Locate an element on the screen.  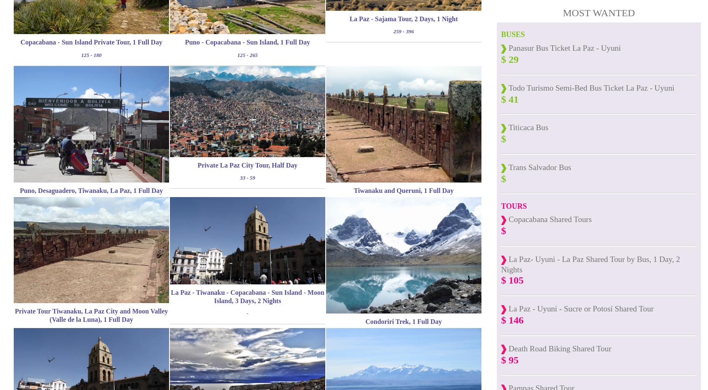
'La Paz - Uyuni - Sucre
or Potosí Shared Tour' is located at coordinates (579, 309).